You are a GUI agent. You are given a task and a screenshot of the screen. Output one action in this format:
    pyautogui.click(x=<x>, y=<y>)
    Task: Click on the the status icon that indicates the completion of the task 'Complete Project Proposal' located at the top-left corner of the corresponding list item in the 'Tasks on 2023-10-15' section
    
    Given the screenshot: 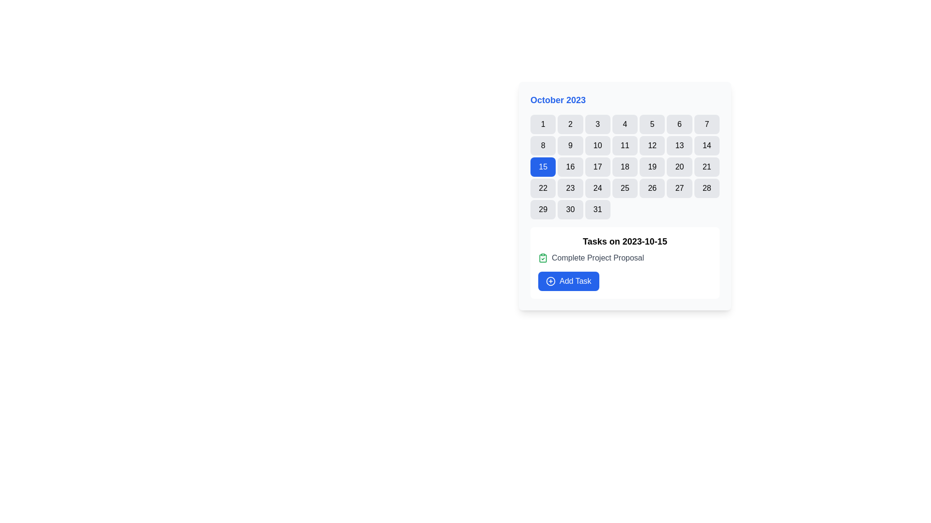 What is the action you would take?
    pyautogui.click(x=542, y=257)
    